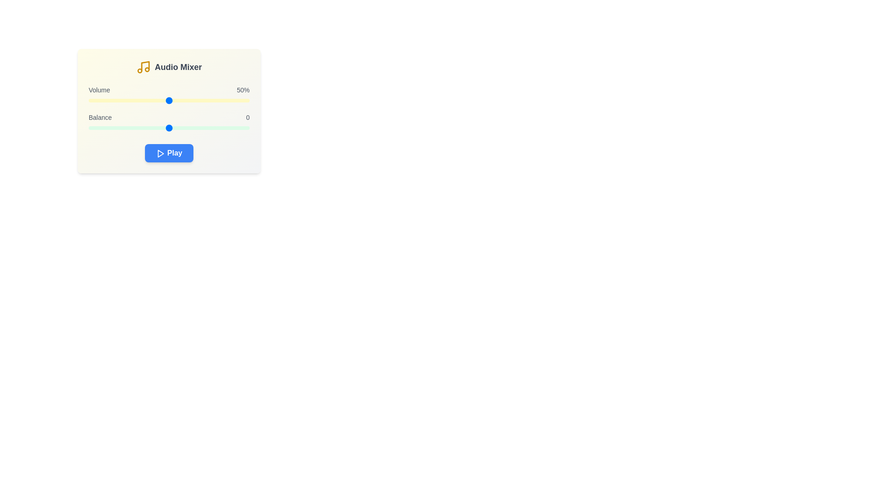 This screenshot has width=878, height=494. I want to click on the playback control button located below the 'Volume' and 'Balance' sliders in the 'Audio Mixer' interface, so click(169, 153).